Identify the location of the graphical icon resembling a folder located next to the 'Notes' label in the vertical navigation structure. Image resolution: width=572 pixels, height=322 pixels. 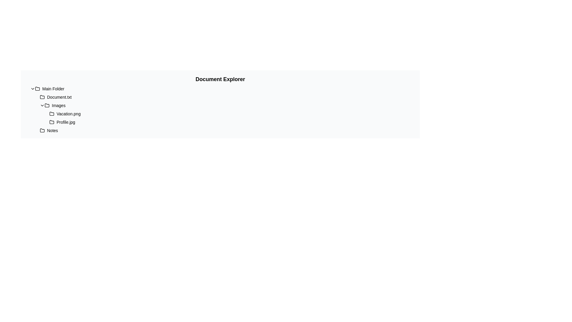
(42, 130).